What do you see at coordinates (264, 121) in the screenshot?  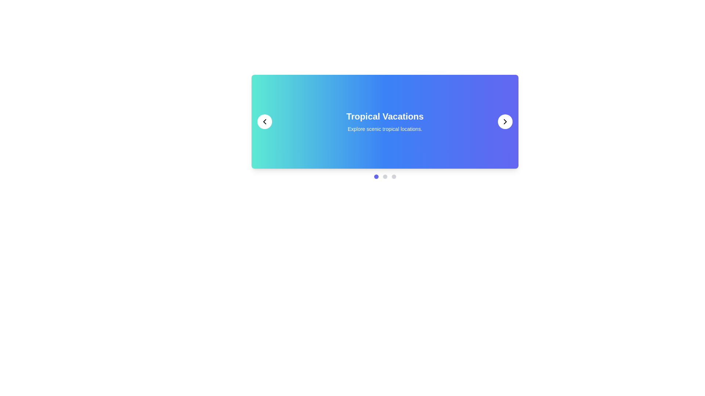 I see `the chevron left icon located within the circular button at the far left of the rectangular card component` at bounding box center [264, 121].